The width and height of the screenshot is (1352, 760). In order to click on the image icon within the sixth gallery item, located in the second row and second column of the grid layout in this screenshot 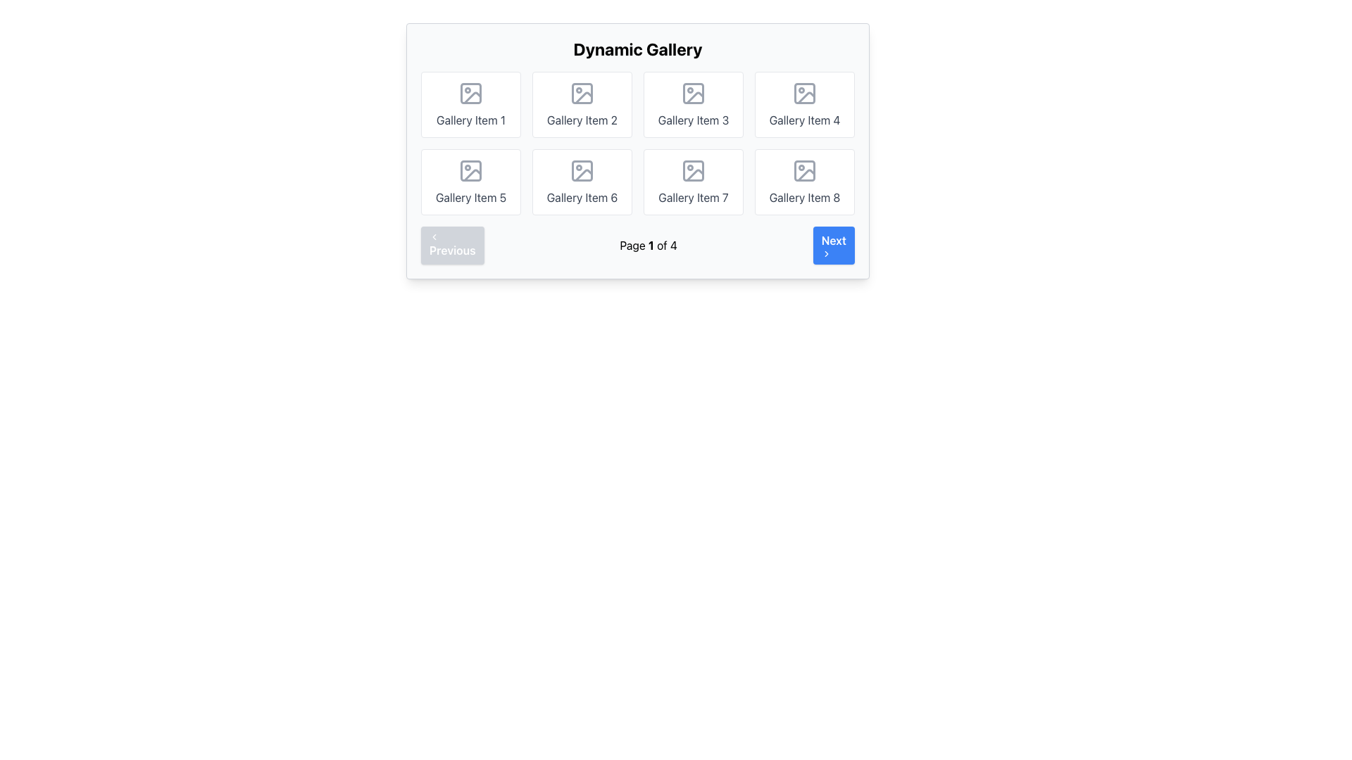, I will do `click(582, 170)`.